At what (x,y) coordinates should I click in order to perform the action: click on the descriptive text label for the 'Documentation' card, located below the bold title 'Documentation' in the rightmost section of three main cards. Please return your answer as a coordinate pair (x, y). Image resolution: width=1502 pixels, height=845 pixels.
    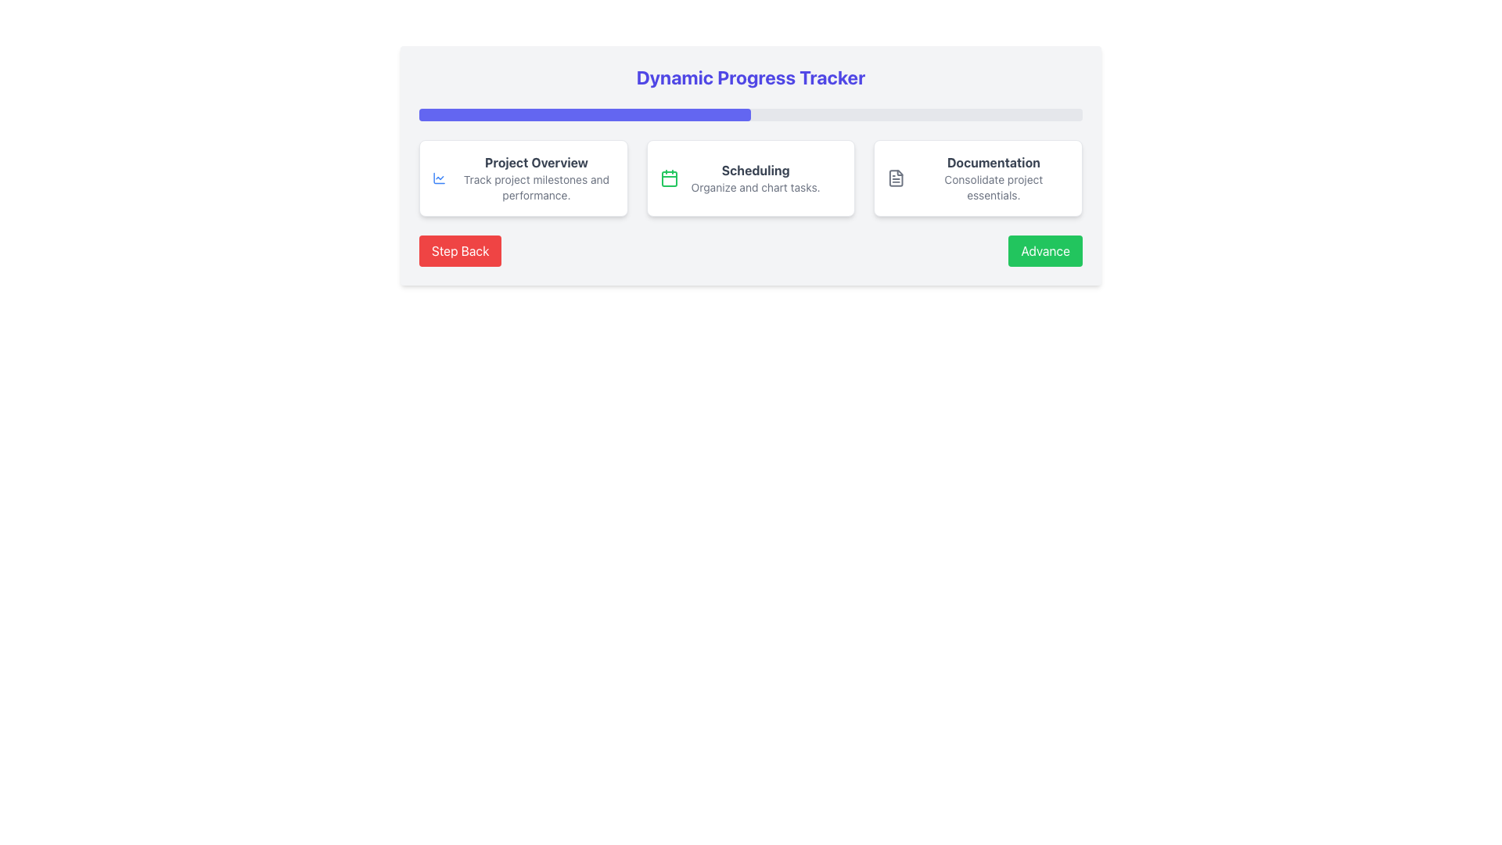
    Looking at the image, I should click on (993, 186).